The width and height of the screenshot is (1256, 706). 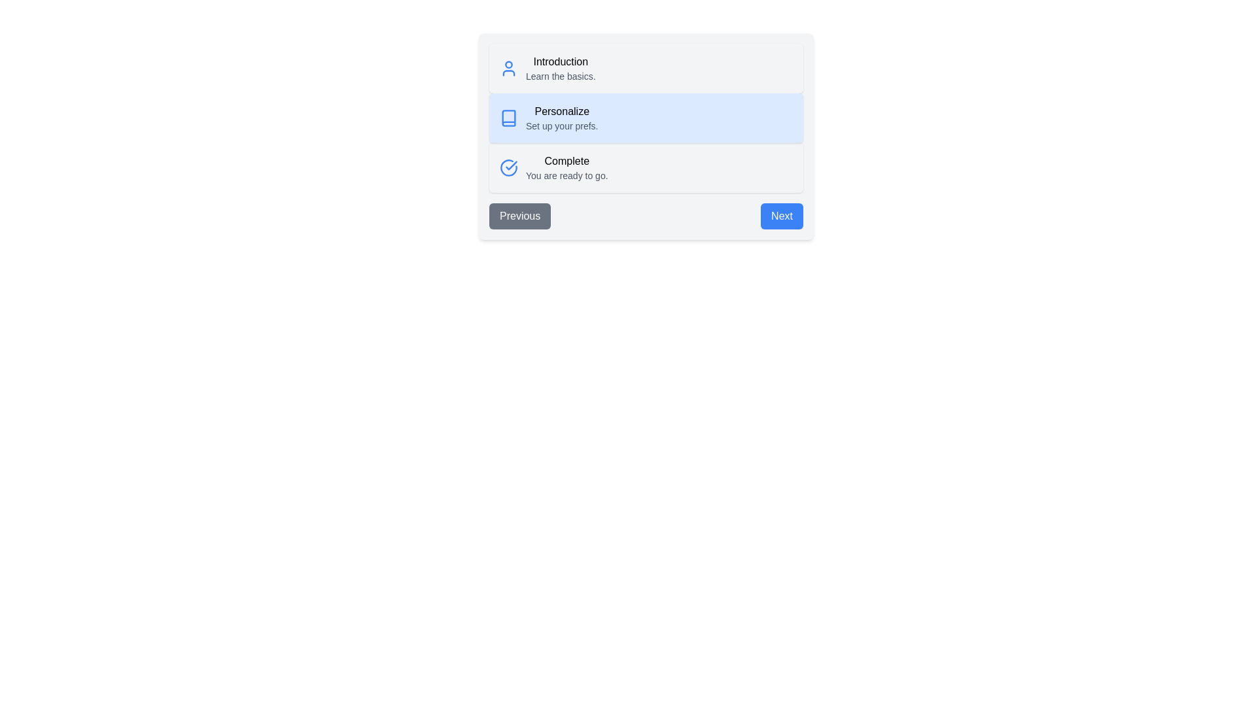 What do you see at coordinates (566, 167) in the screenshot?
I see `the step with title 'Complete' to read its description` at bounding box center [566, 167].